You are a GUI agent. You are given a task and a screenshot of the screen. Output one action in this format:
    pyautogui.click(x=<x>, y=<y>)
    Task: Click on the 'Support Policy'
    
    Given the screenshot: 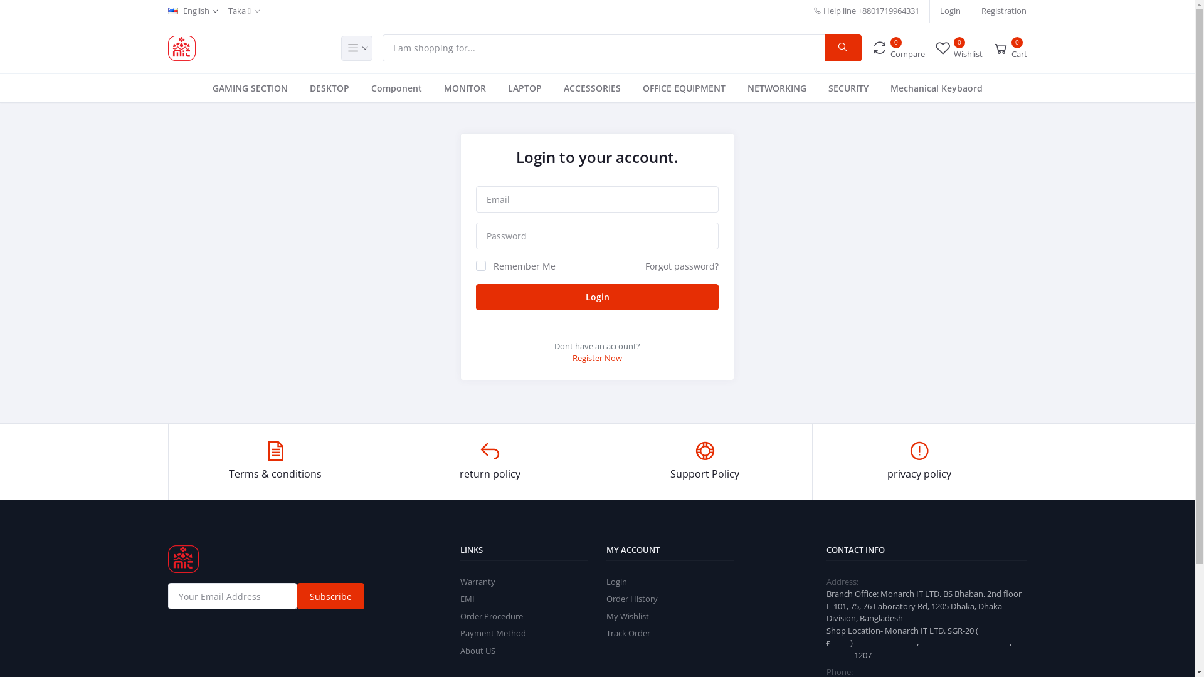 What is the action you would take?
    pyautogui.click(x=704, y=461)
    